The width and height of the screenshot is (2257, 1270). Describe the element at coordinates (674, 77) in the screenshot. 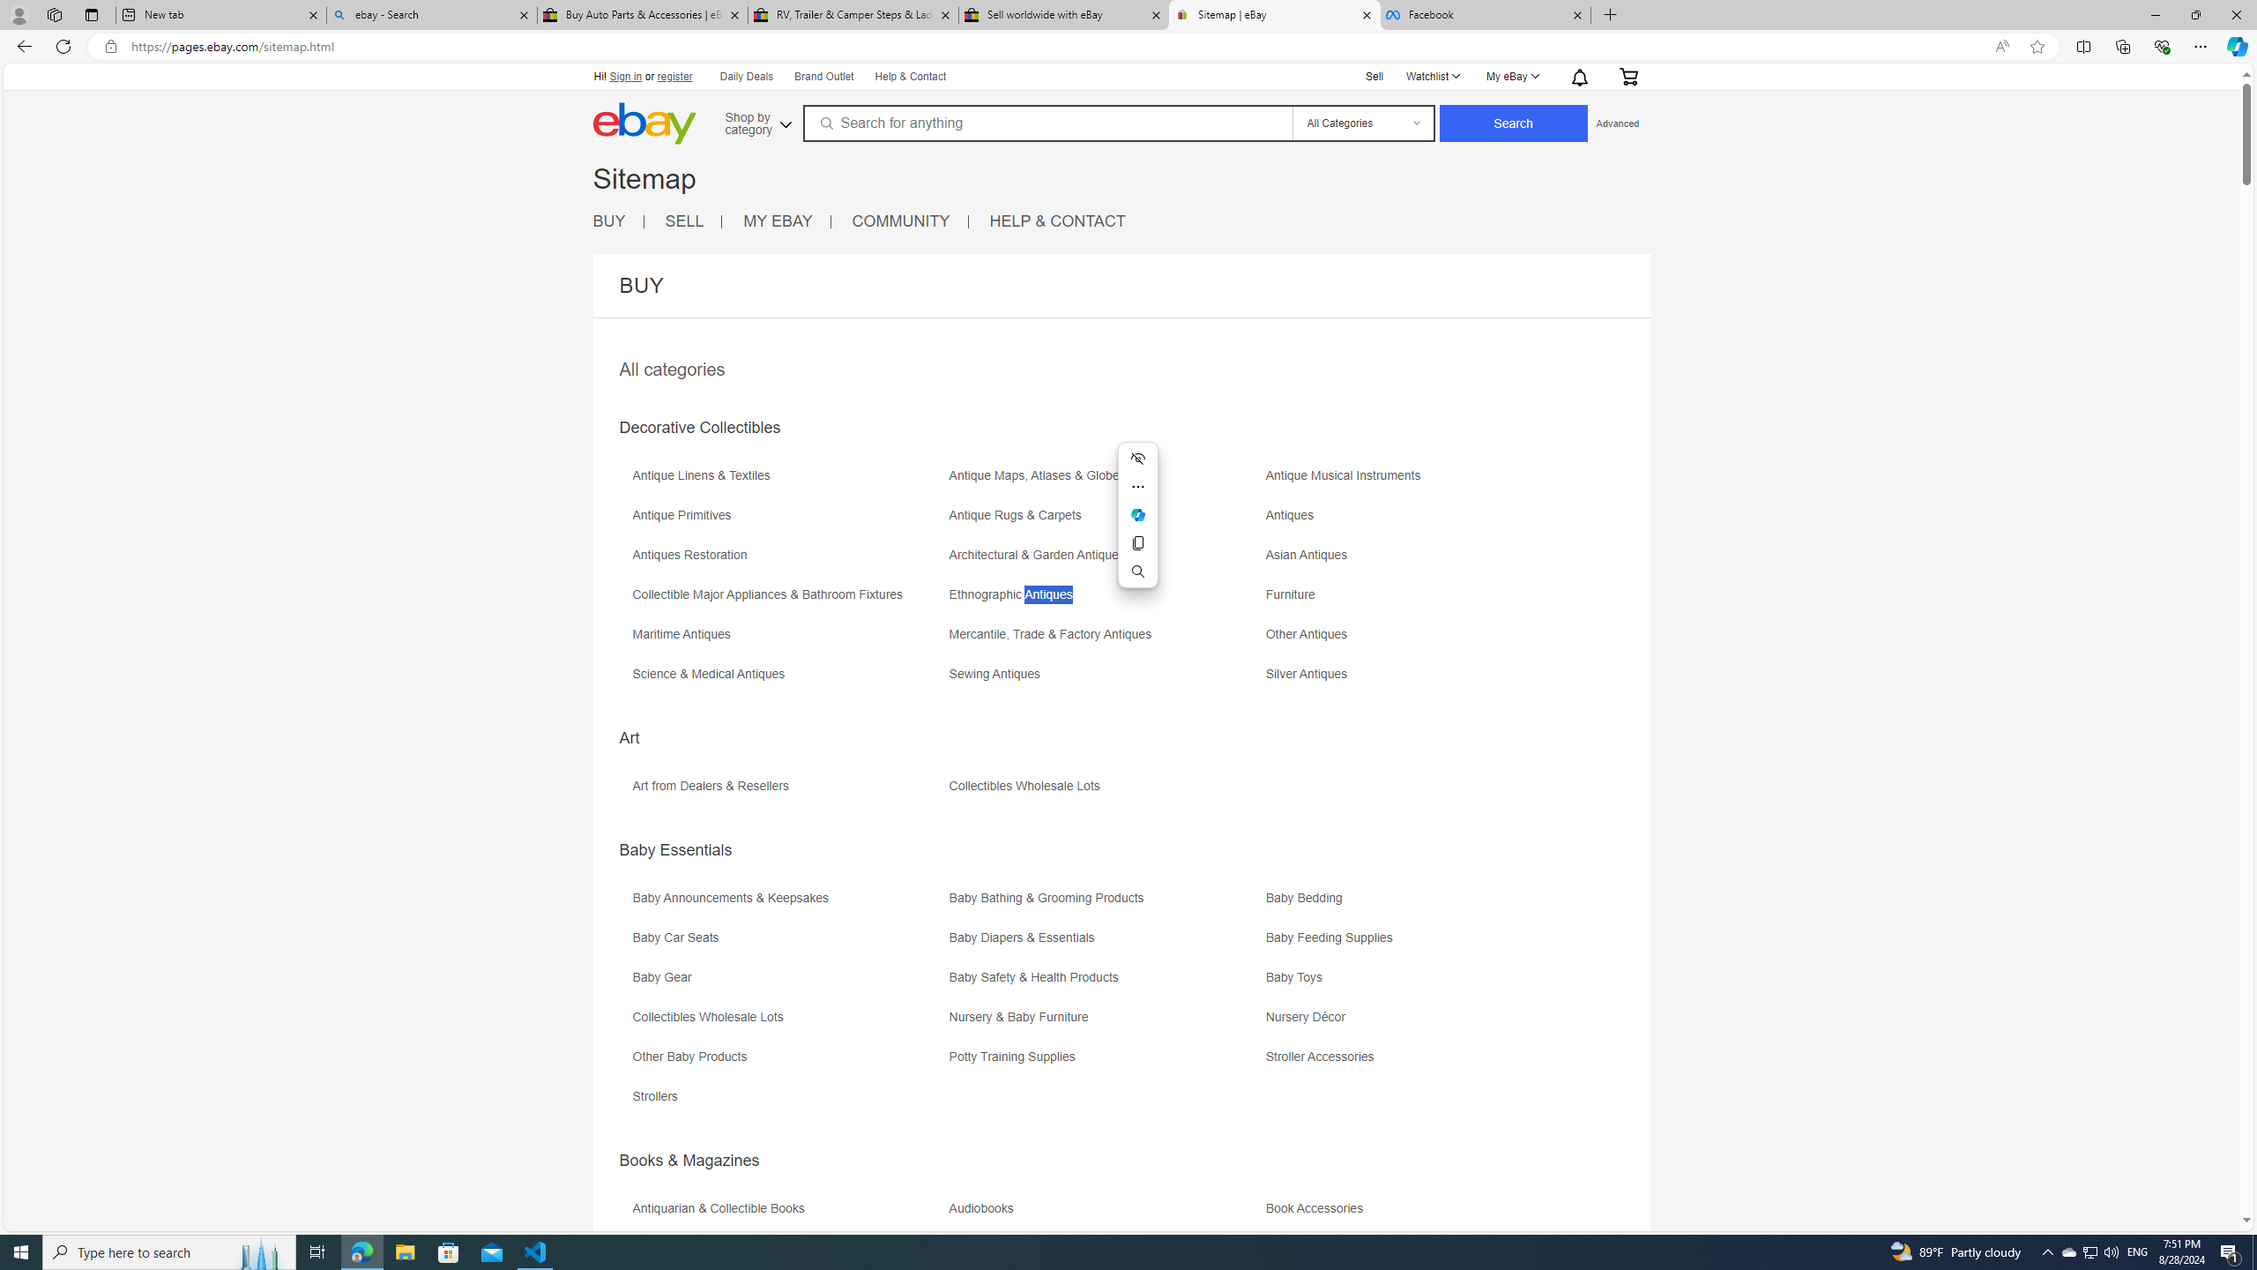

I see `'register'` at that location.